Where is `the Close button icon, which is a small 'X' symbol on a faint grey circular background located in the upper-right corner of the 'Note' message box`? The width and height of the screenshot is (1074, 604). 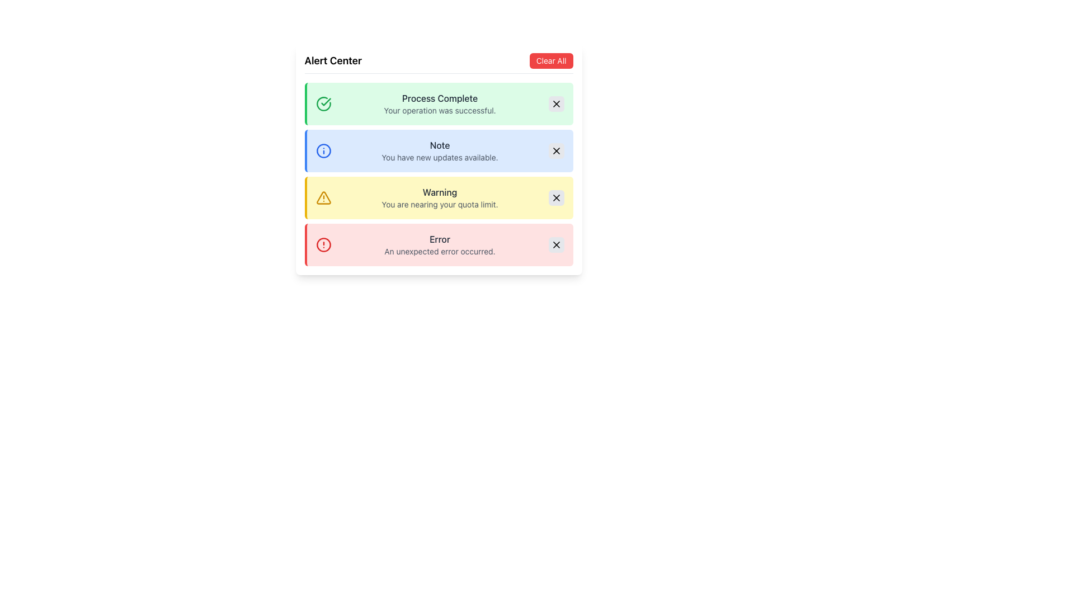 the Close button icon, which is a small 'X' symbol on a faint grey circular background located in the upper-right corner of the 'Note' message box is located at coordinates (556, 244).